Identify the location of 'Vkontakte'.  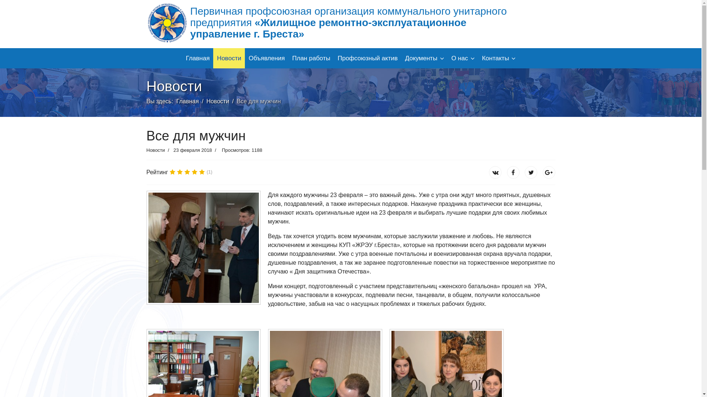
(513, 172).